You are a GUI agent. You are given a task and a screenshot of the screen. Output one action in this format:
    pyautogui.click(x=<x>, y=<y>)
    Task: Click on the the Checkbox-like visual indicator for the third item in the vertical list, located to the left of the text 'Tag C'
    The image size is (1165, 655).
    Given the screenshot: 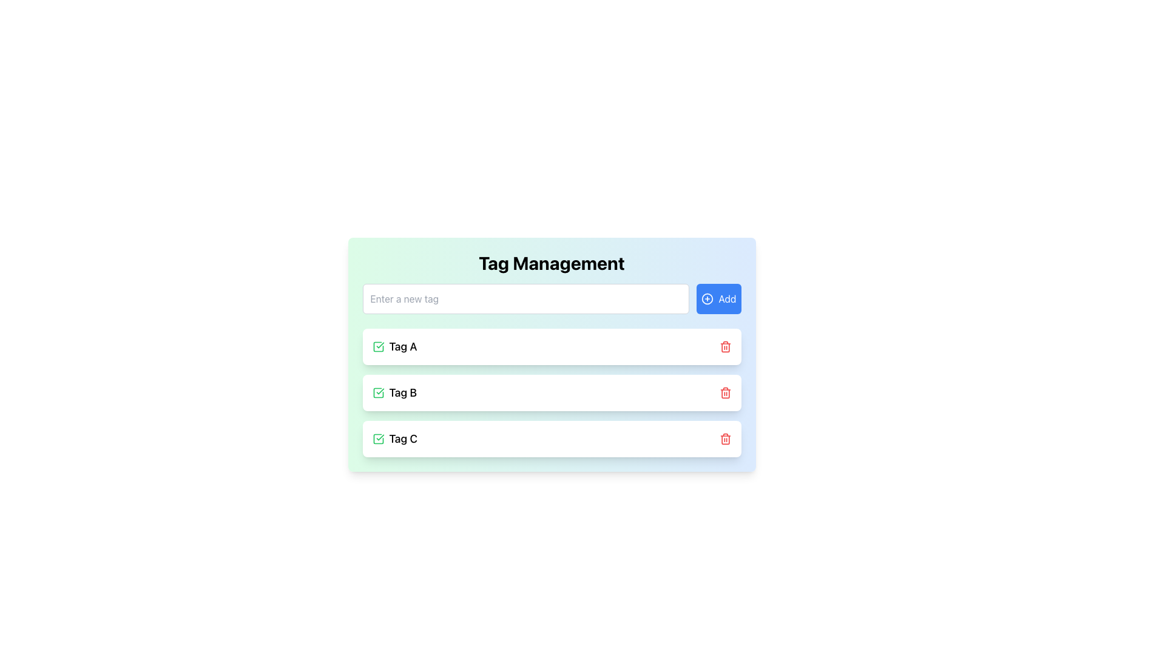 What is the action you would take?
    pyautogui.click(x=377, y=439)
    